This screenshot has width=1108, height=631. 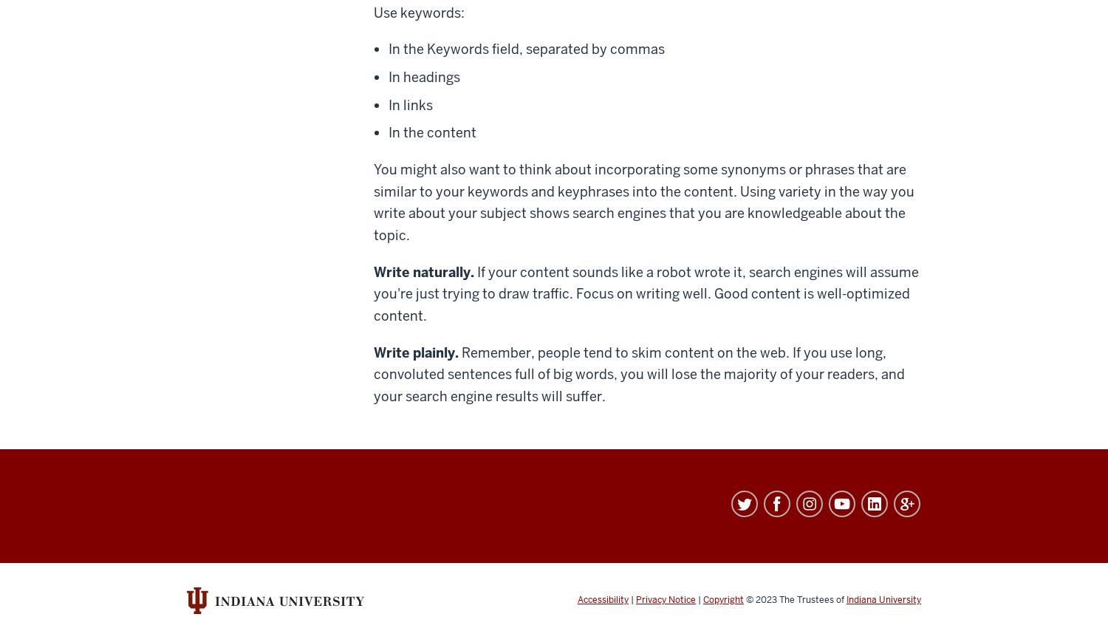 What do you see at coordinates (743, 598) in the screenshot?
I see `'© 2023'` at bounding box center [743, 598].